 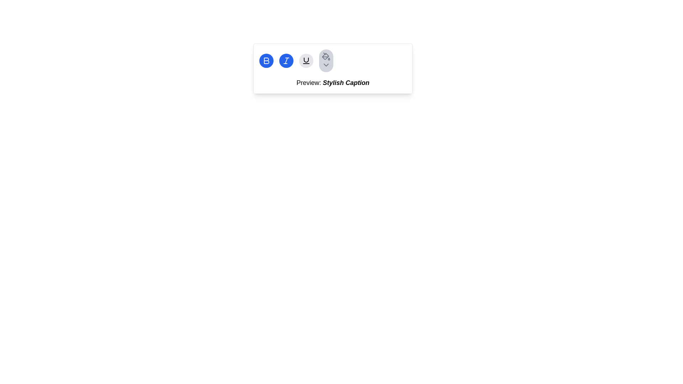 I want to click on the upper and larger curved stroke of the icon's vector graphic component, which is part of a decorative or symbolic group related to styling or annotation, so click(x=306, y=60).